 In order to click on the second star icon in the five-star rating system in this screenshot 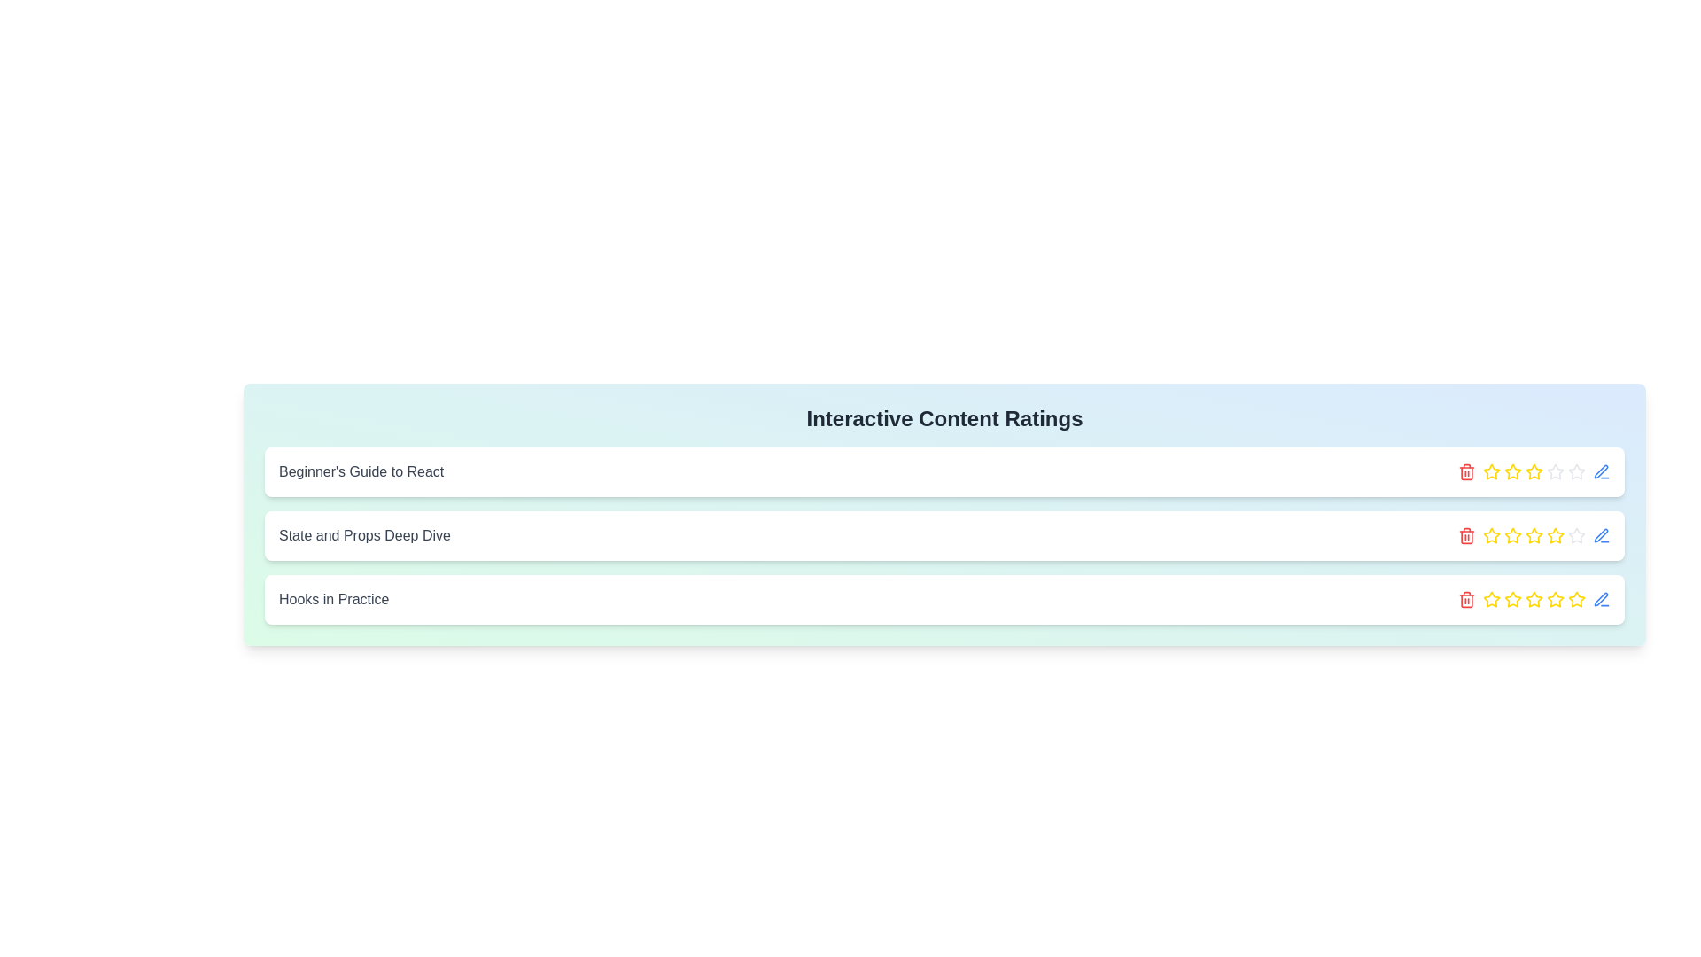, I will do `click(1512, 471)`.